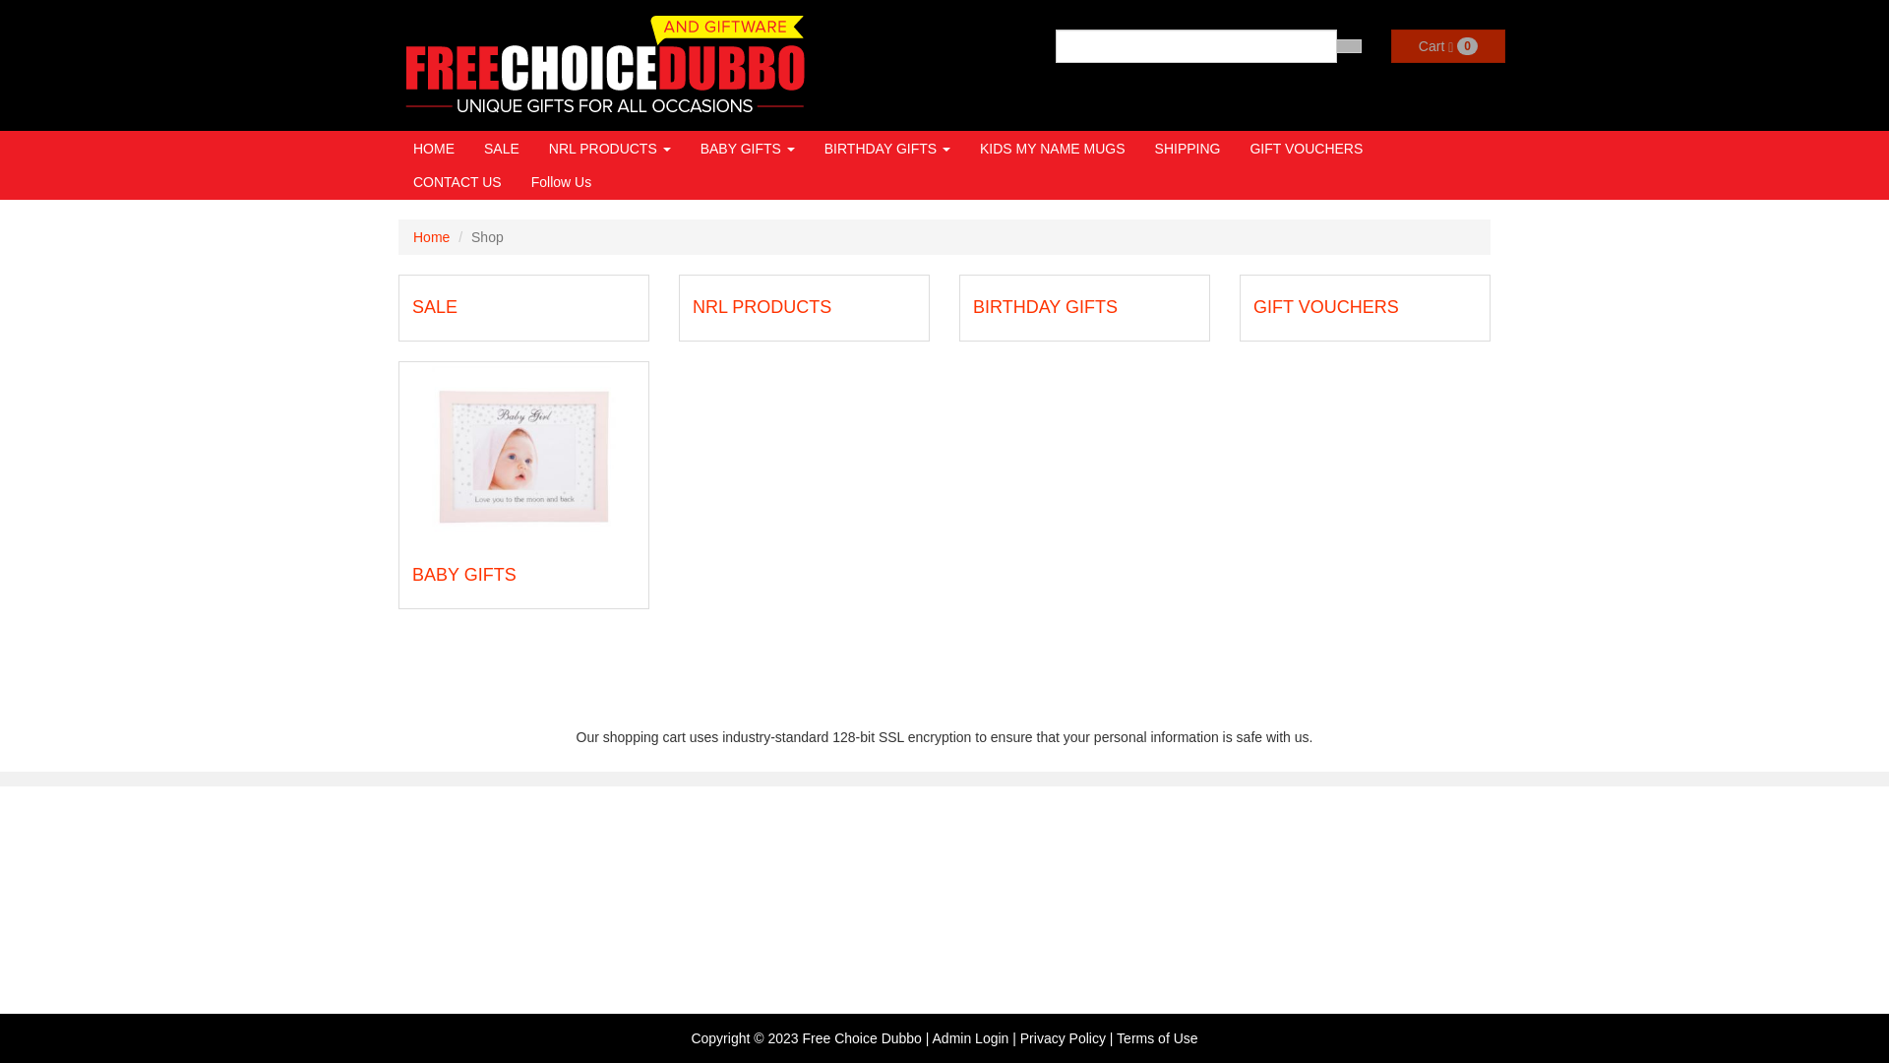  Describe the element at coordinates (462, 574) in the screenshot. I see `'BABY GIFTS'` at that location.